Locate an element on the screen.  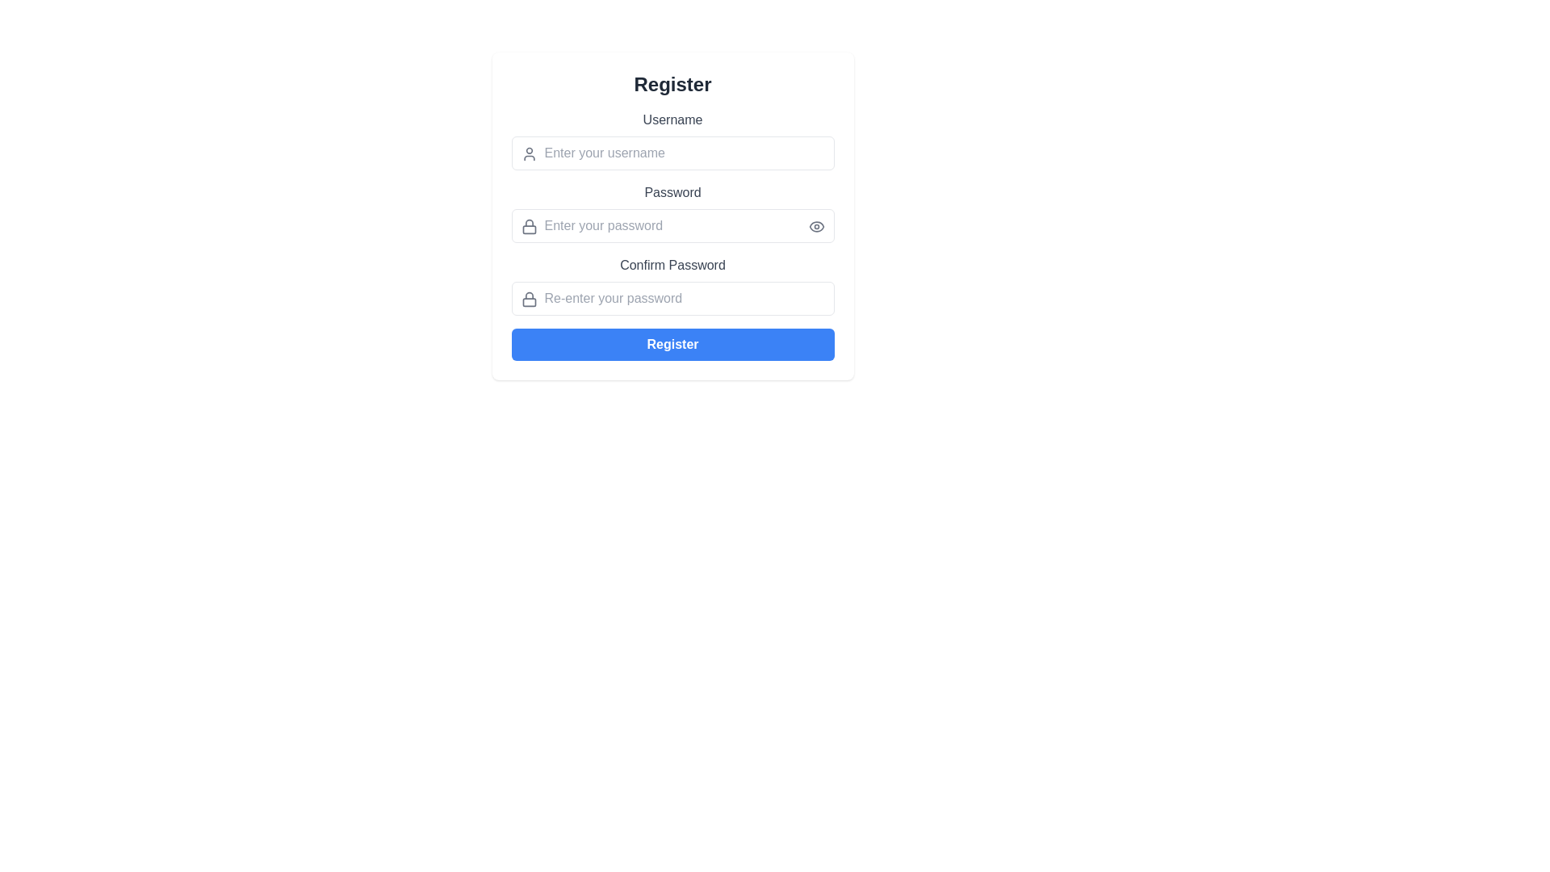
within the Password input field located below the 'Username' field and above the 'Confirm Password' field to focus is located at coordinates (672, 212).